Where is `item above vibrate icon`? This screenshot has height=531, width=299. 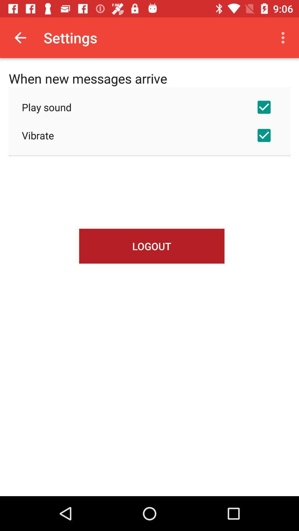
item above vibrate icon is located at coordinates (149, 107).